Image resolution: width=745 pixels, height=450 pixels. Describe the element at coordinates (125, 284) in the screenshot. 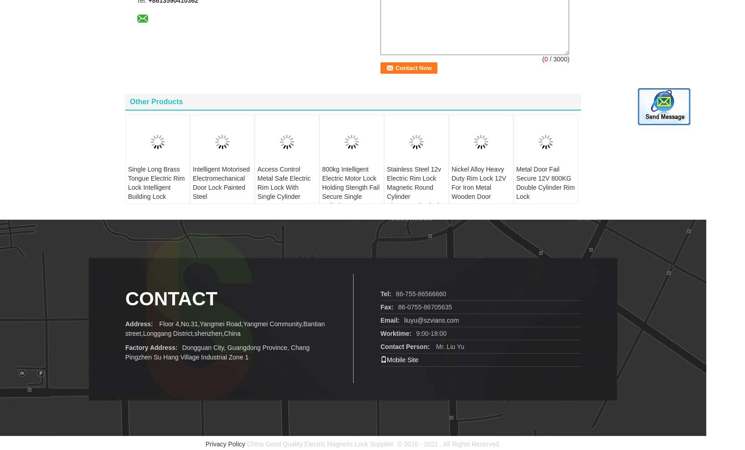

I see `'Contact'` at that location.